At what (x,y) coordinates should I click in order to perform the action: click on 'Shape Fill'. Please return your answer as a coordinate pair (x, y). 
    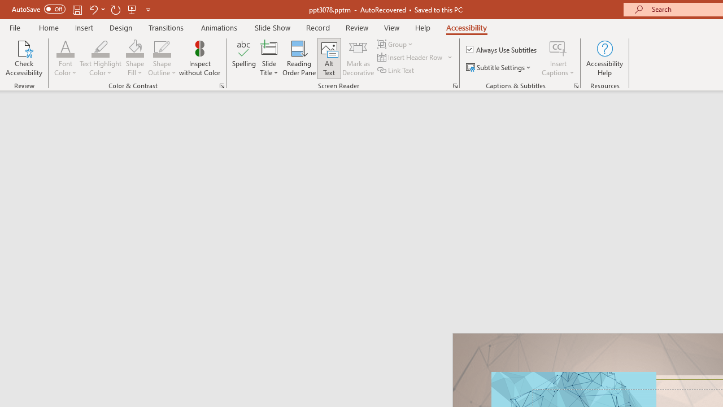
    Looking at the image, I should click on (134, 58).